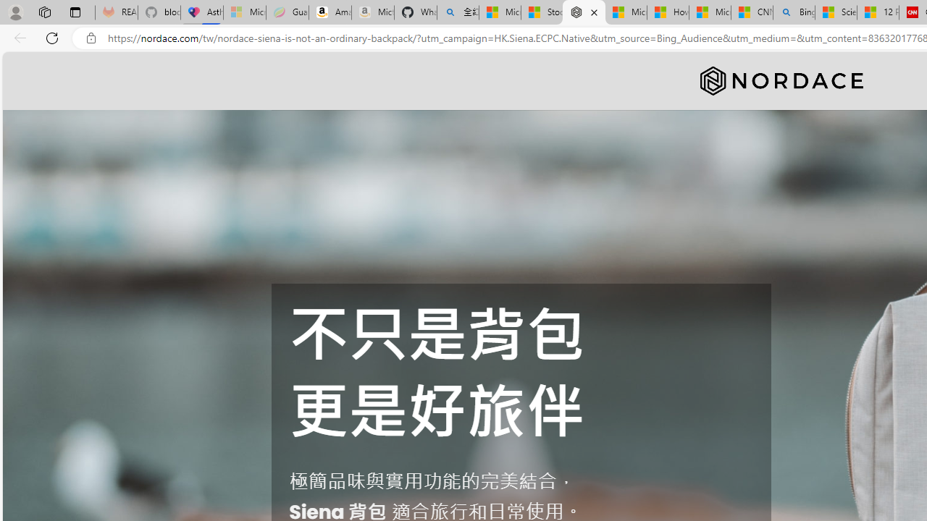  Describe the element at coordinates (752, 12) in the screenshot. I see `'CNN - MSN'` at that location.